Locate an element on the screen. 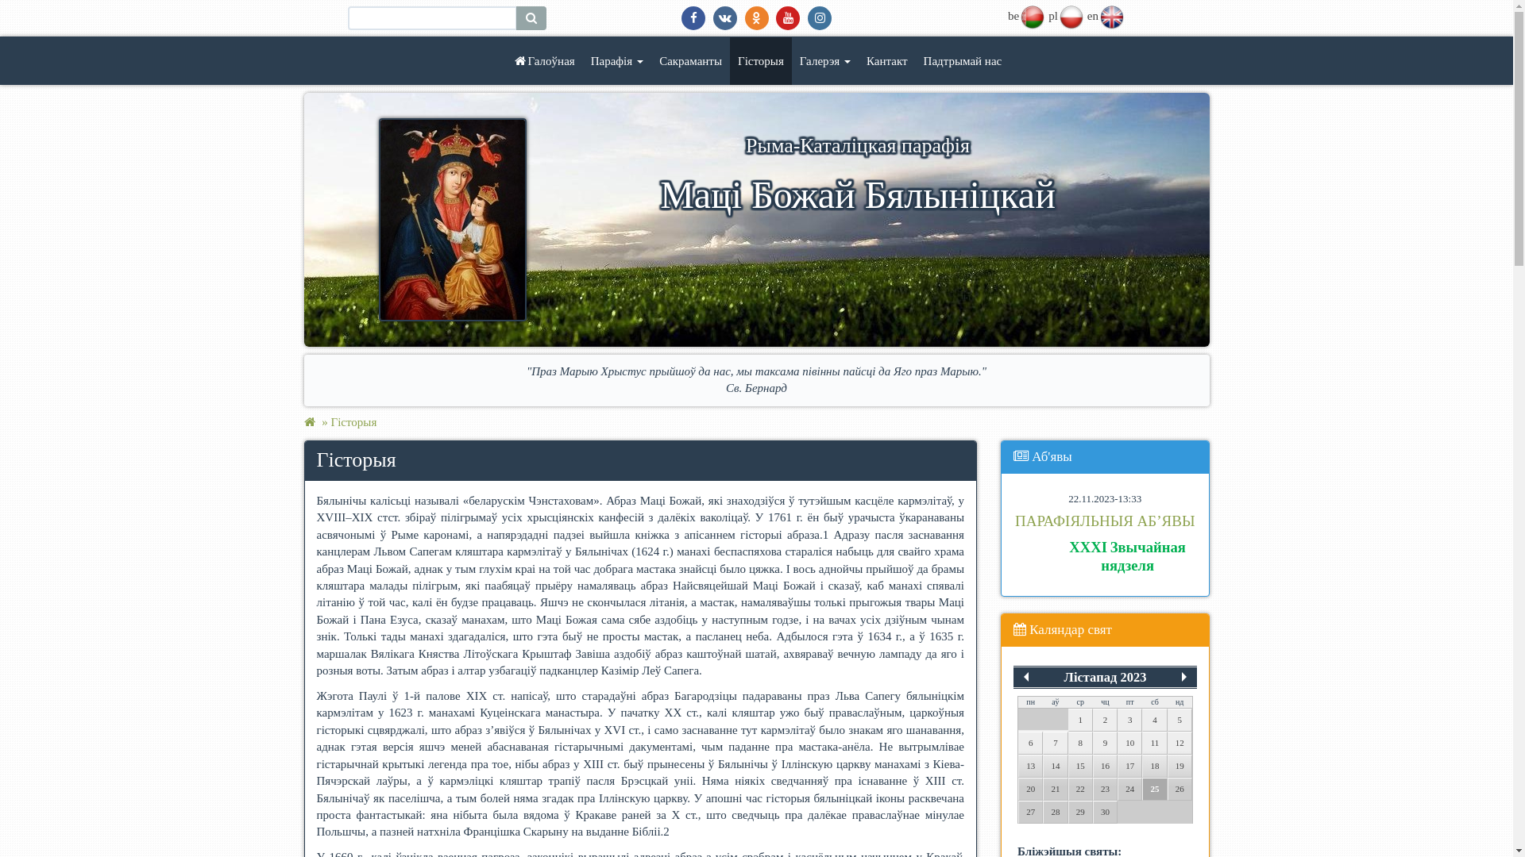  '11' is located at coordinates (1141, 743).